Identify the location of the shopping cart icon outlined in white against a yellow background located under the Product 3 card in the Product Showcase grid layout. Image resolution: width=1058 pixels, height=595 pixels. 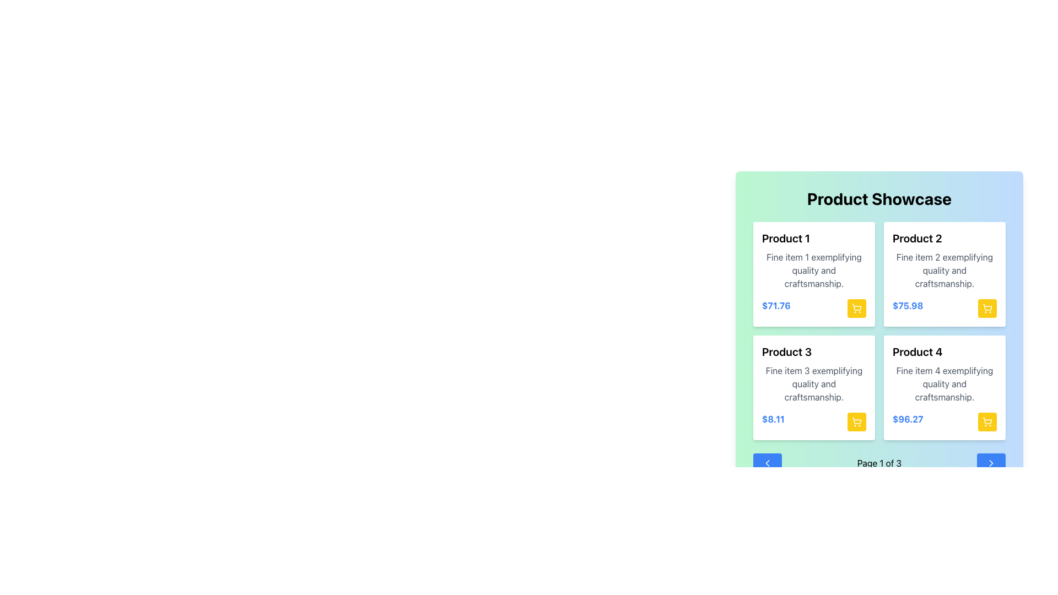
(856, 421).